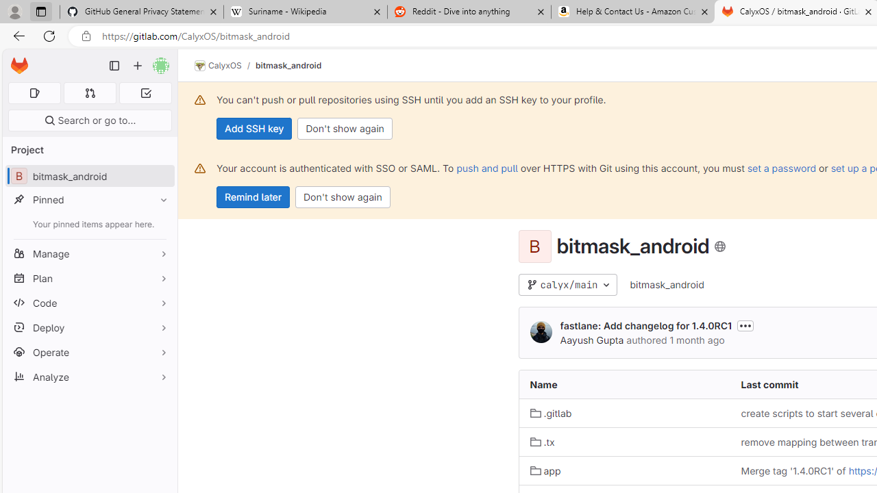 This screenshot has width=877, height=493. What do you see at coordinates (89, 351) in the screenshot?
I see `'Operate'` at bounding box center [89, 351].